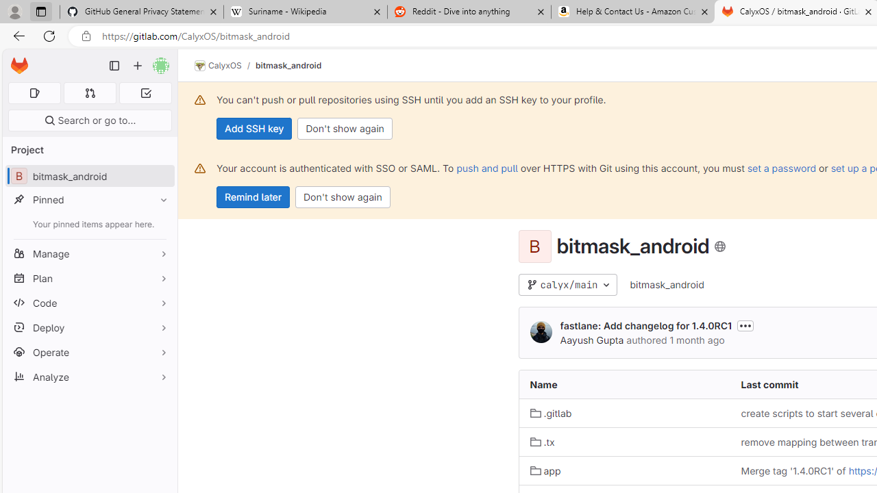 This screenshot has width=877, height=493. What do you see at coordinates (89, 351) in the screenshot?
I see `'Operate'` at bounding box center [89, 351].